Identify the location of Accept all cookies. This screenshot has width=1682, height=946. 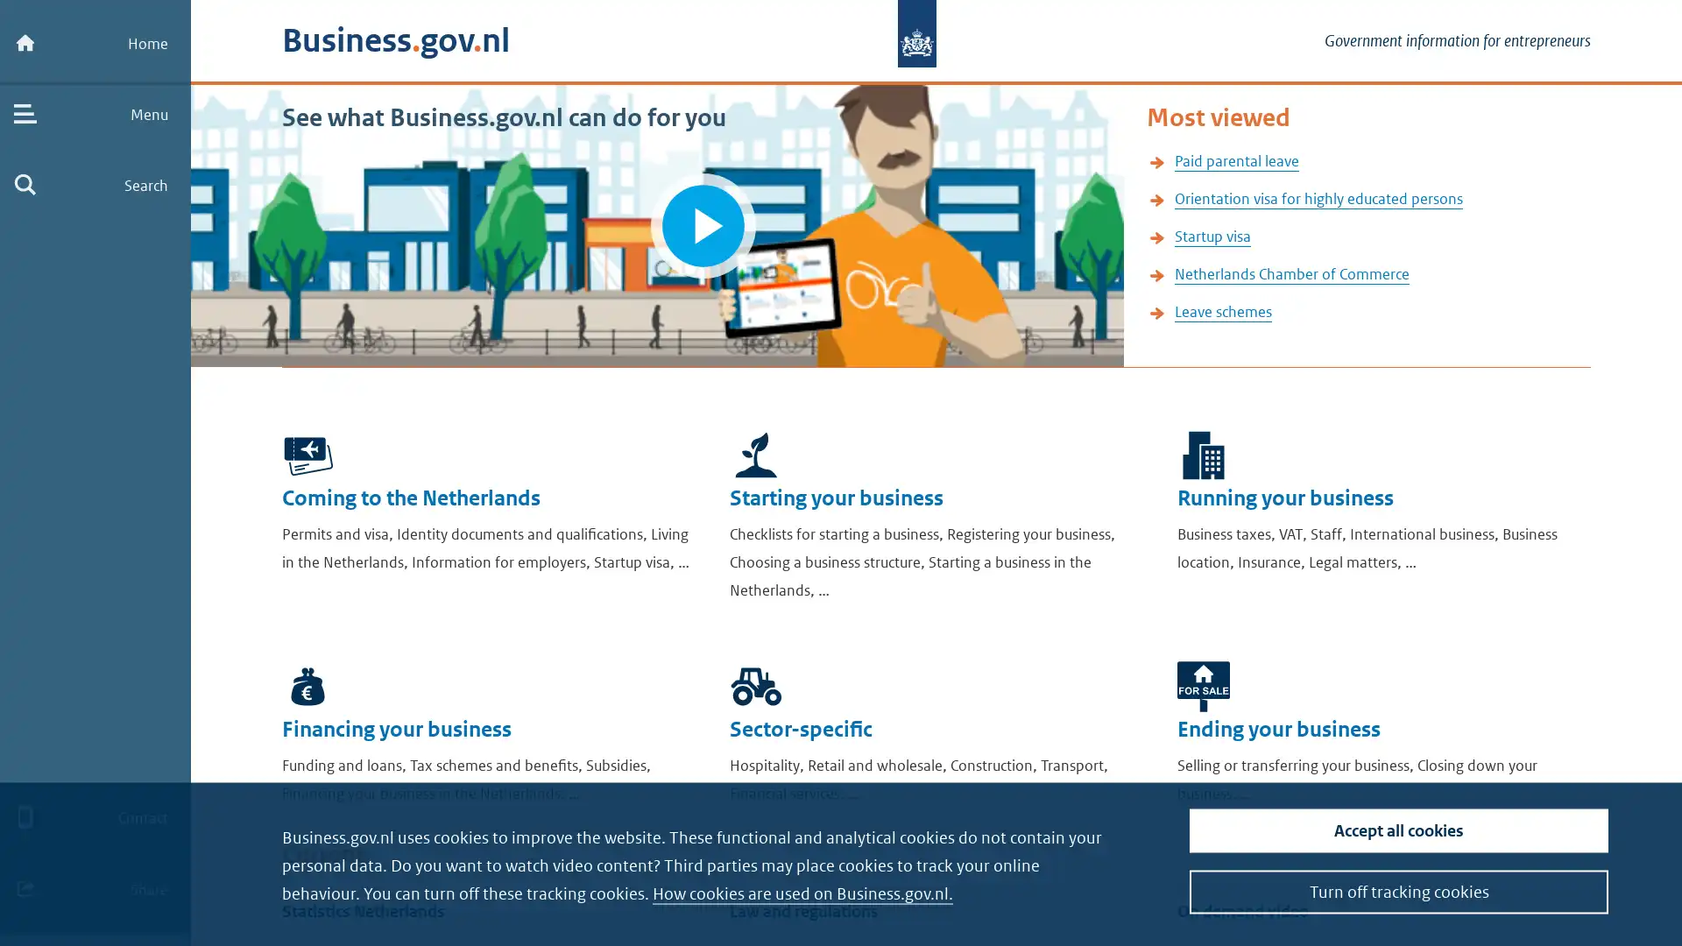
(1398, 827).